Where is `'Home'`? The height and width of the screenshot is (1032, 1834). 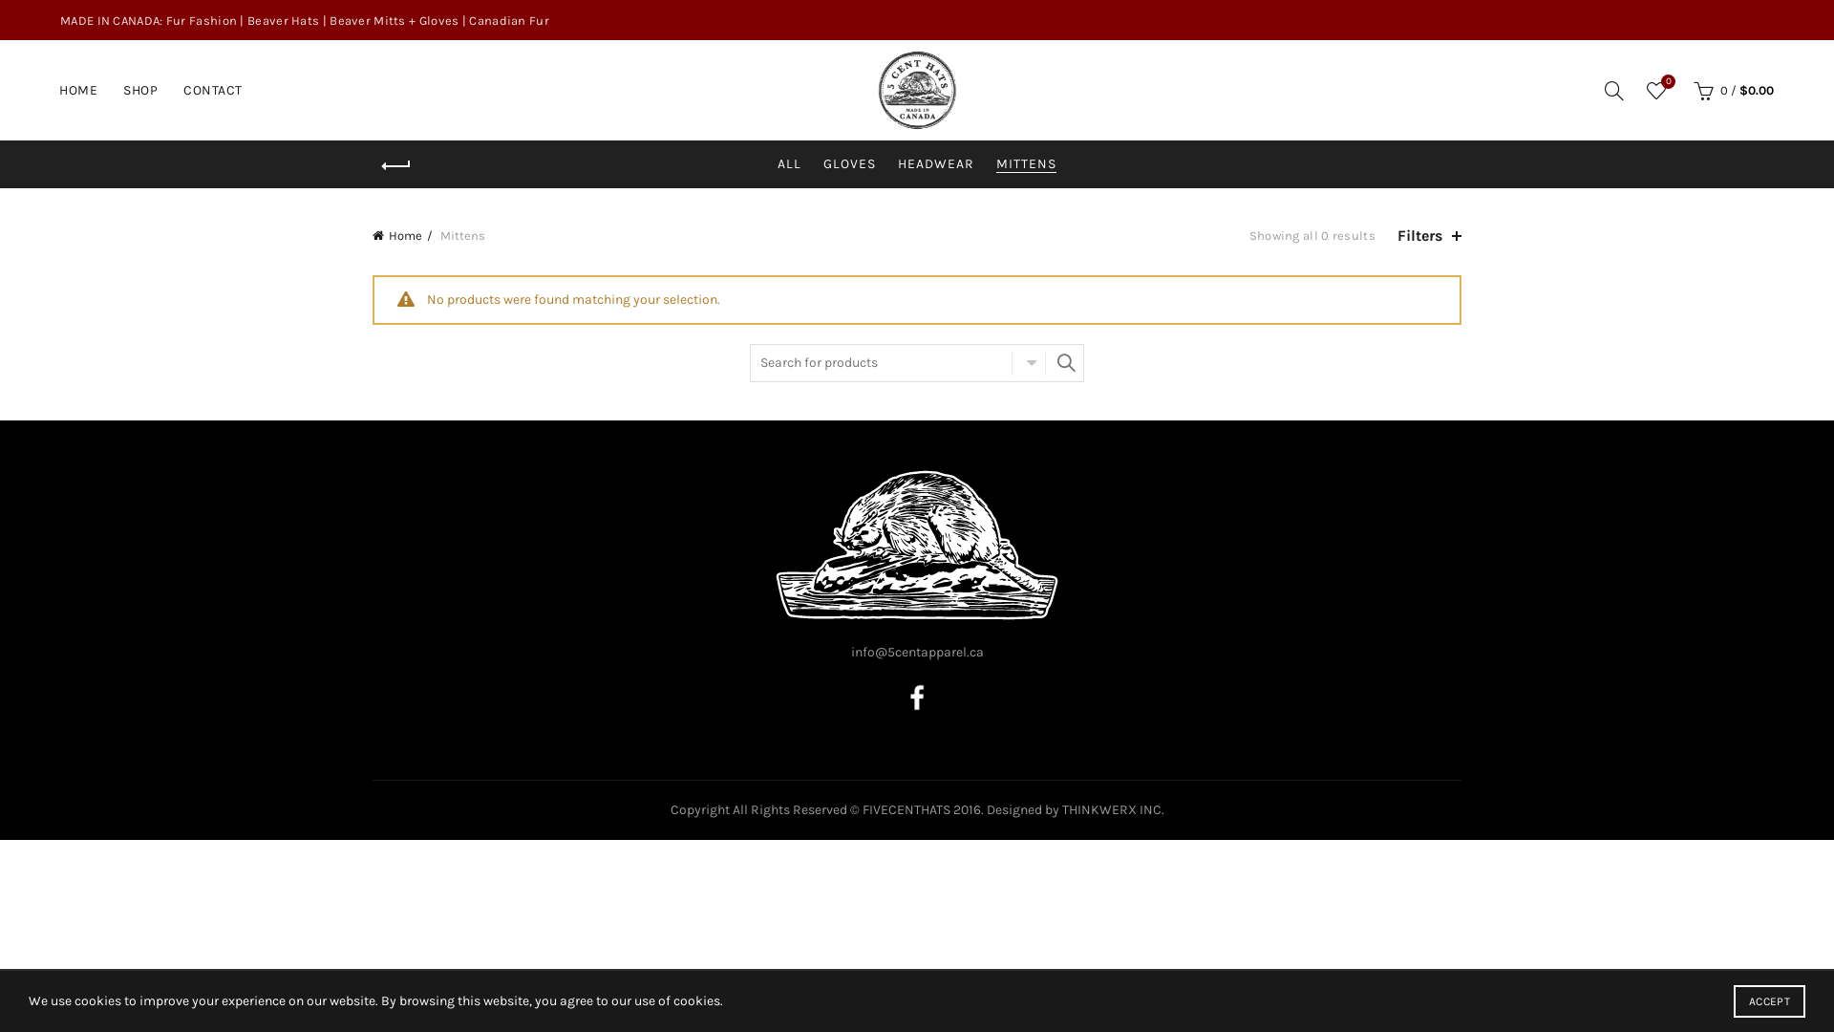 'Home' is located at coordinates (401, 234).